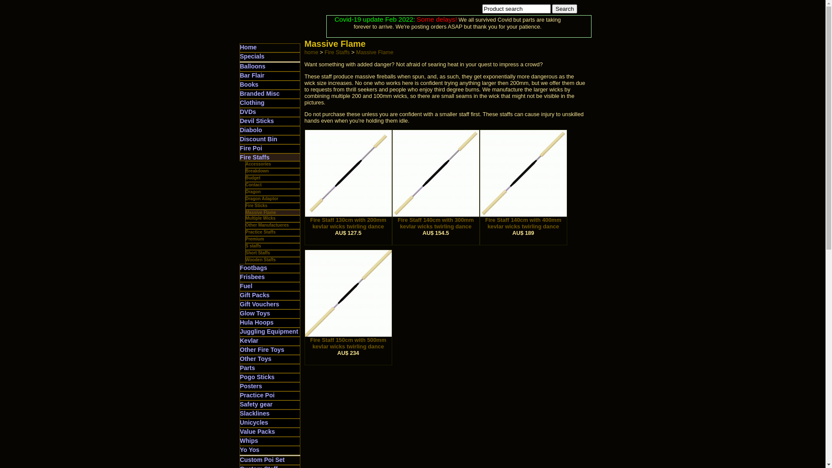 This screenshot has height=468, width=832. I want to click on 'Glow Toys', so click(255, 313).